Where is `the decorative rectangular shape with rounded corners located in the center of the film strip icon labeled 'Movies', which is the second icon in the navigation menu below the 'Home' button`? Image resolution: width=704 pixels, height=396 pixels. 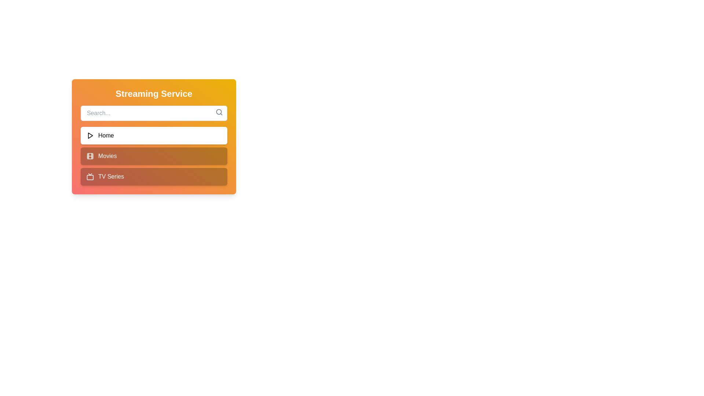
the decorative rectangular shape with rounded corners located in the center of the film strip icon labeled 'Movies', which is the second icon in the navigation menu below the 'Home' button is located at coordinates (89, 155).